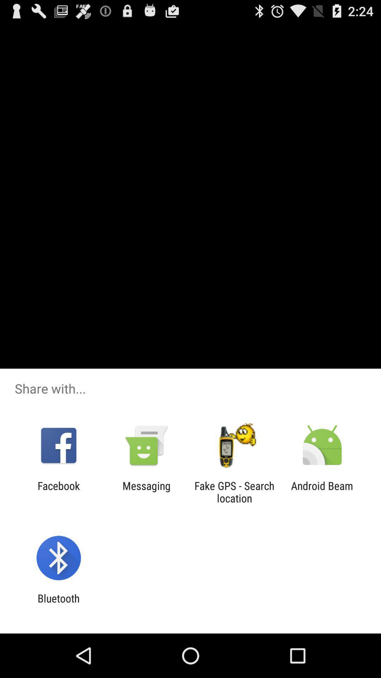  What do you see at coordinates (234, 492) in the screenshot?
I see `the icon next to messaging` at bounding box center [234, 492].